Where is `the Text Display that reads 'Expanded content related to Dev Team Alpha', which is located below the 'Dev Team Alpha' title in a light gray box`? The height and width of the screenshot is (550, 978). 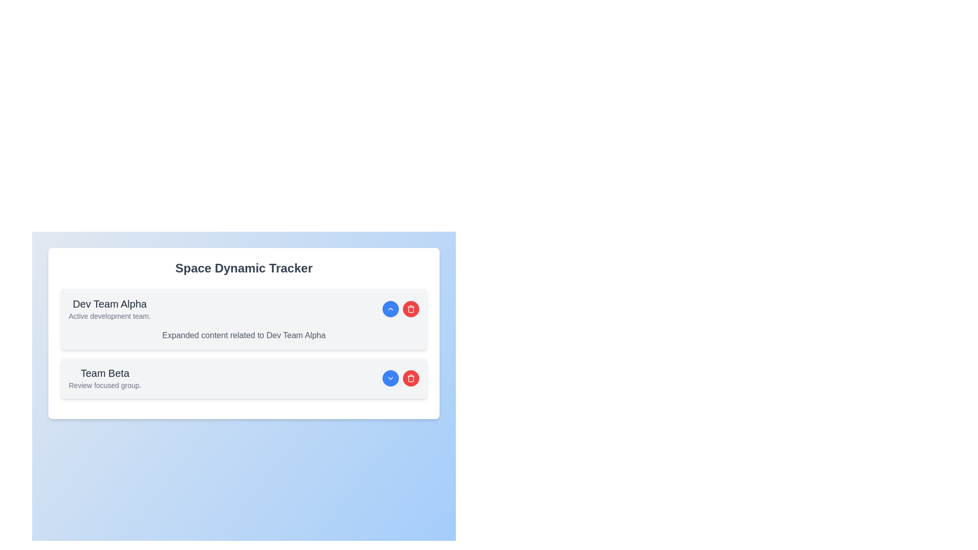 the Text Display that reads 'Expanded content related to Dev Team Alpha', which is located below the 'Dev Team Alpha' title in a light gray box is located at coordinates (243, 336).